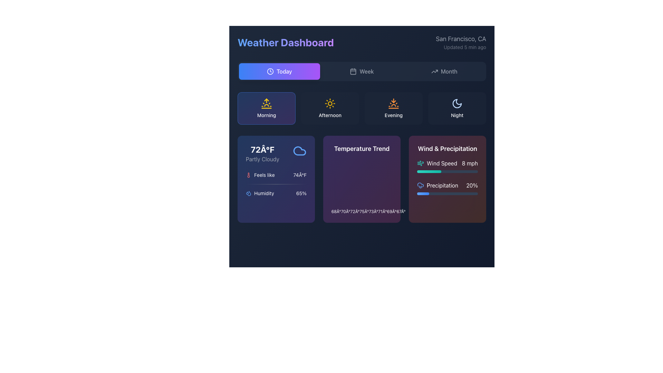 Image resolution: width=663 pixels, height=373 pixels. I want to click on the 'Morning' selectable card in the weather application, so click(266, 108).